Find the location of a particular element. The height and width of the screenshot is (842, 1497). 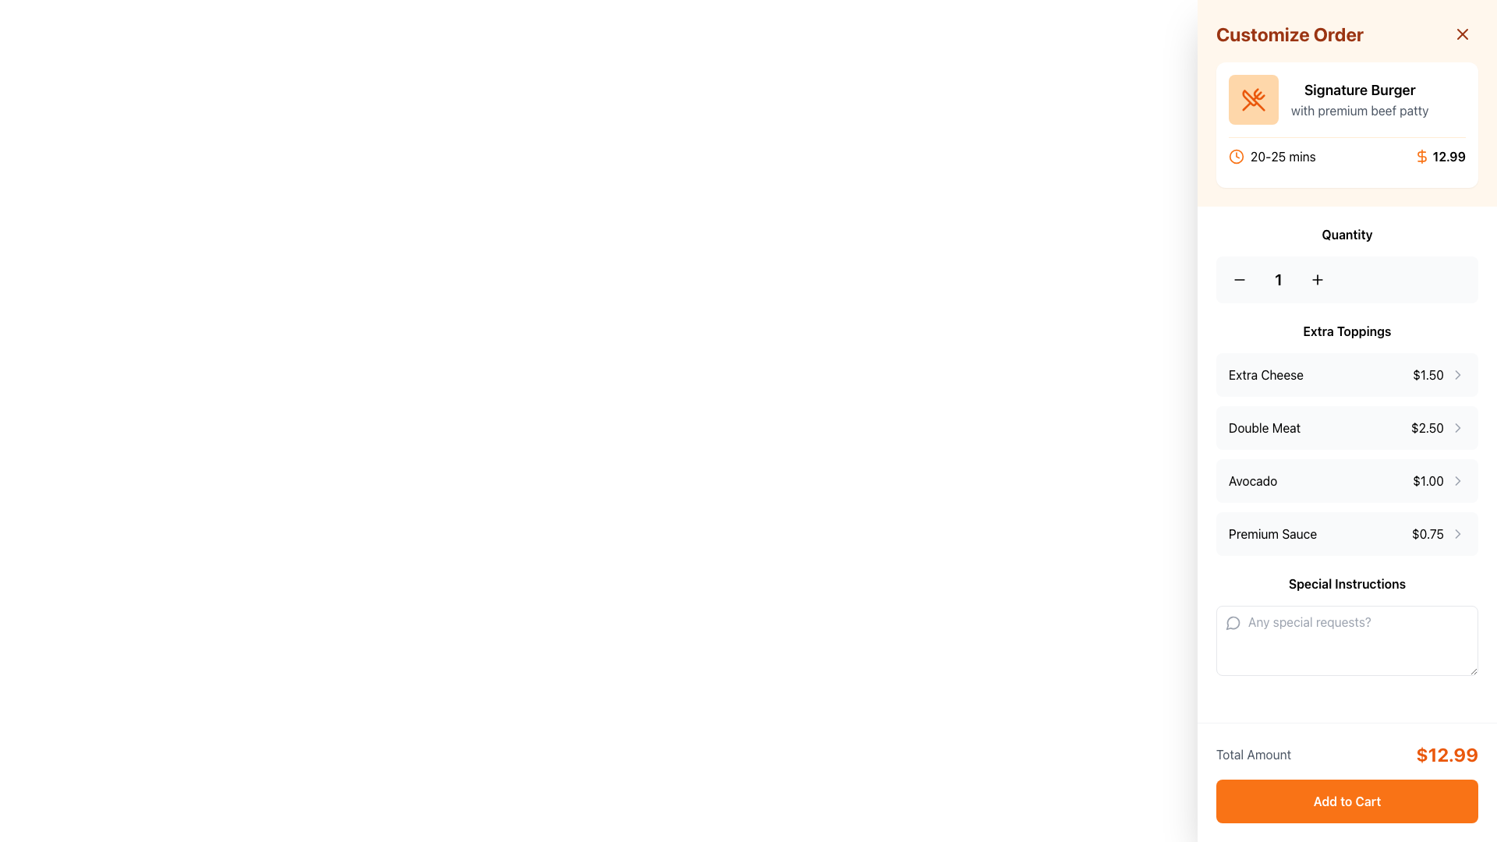

the area around the price display of the 'Signature Burger' menu item in the 'Customize Order' panel for related interactions is located at coordinates (1448, 156).